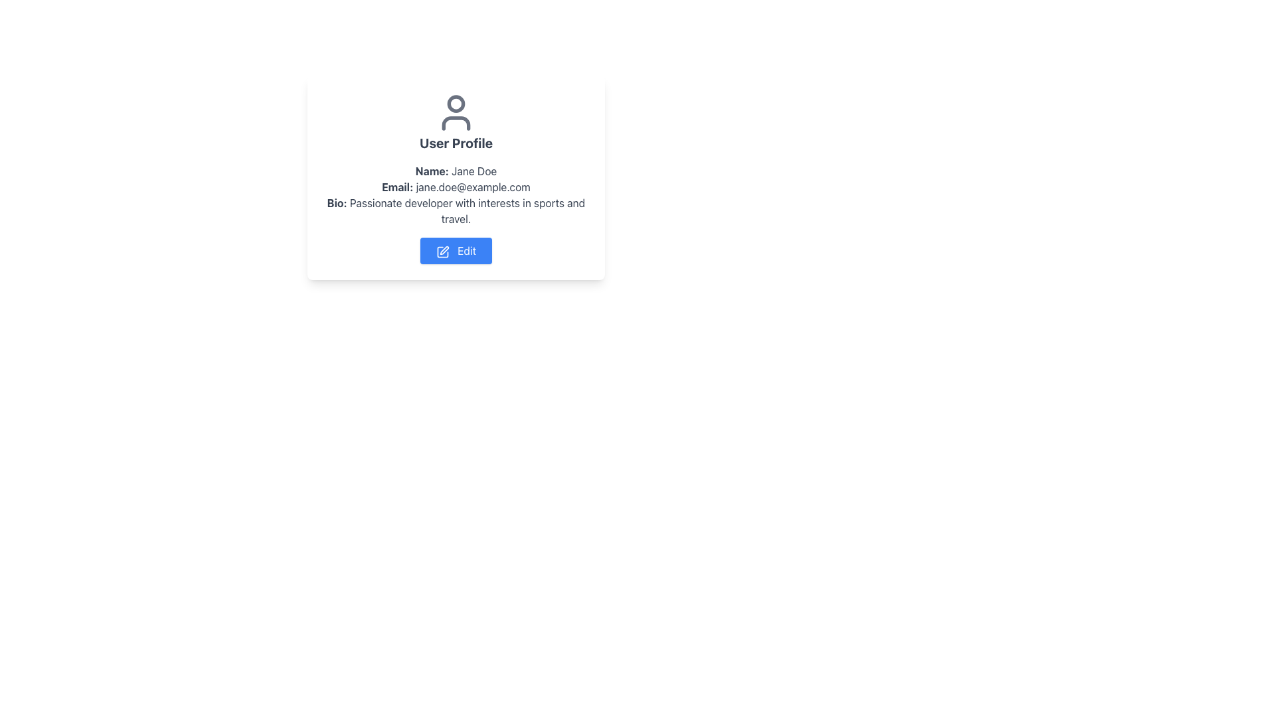 The width and height of the screenshot is (1275, 717). What do you see at coordinates (456, 187) in the screenshot?
I see `the Text Label displaying 'Email: jane.doe@example.com', which is centrally aligned and positioned below 'Name: Jane Doe'` at bounding box center [456, 187].